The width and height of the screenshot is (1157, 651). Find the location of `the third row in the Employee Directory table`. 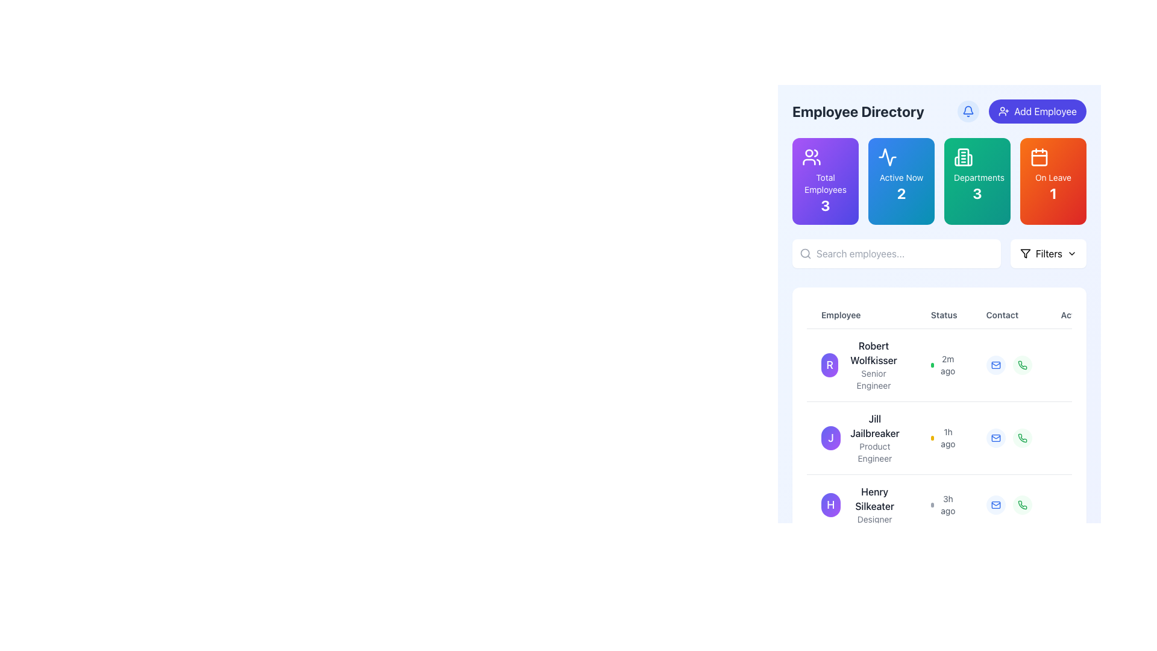

the third row in the Employee Directory table is located at coordinates (956, 505).